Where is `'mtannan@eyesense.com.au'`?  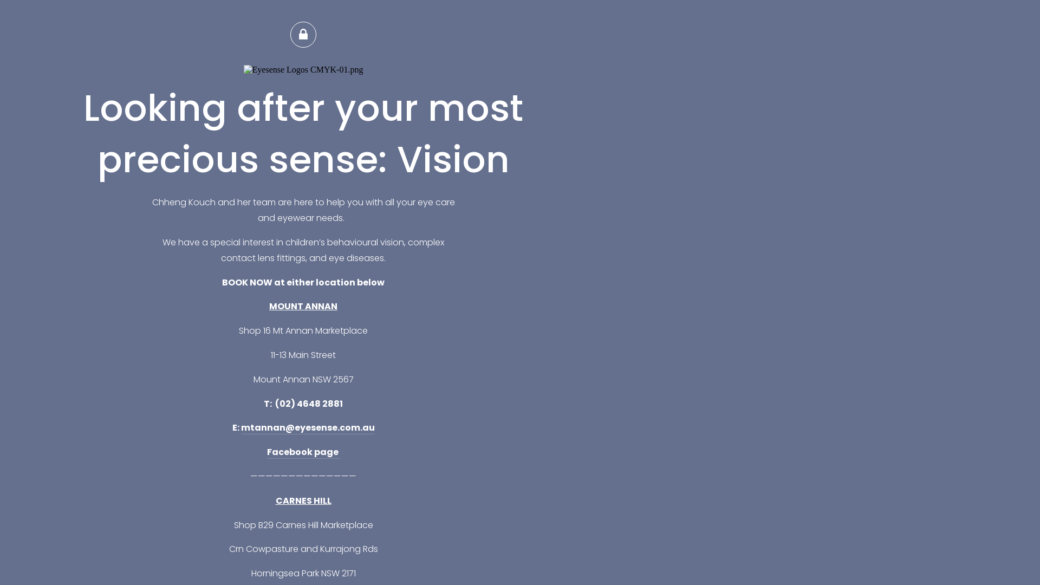
'mtannan@eyesense.com.au' is located at coordinates (307, 427).